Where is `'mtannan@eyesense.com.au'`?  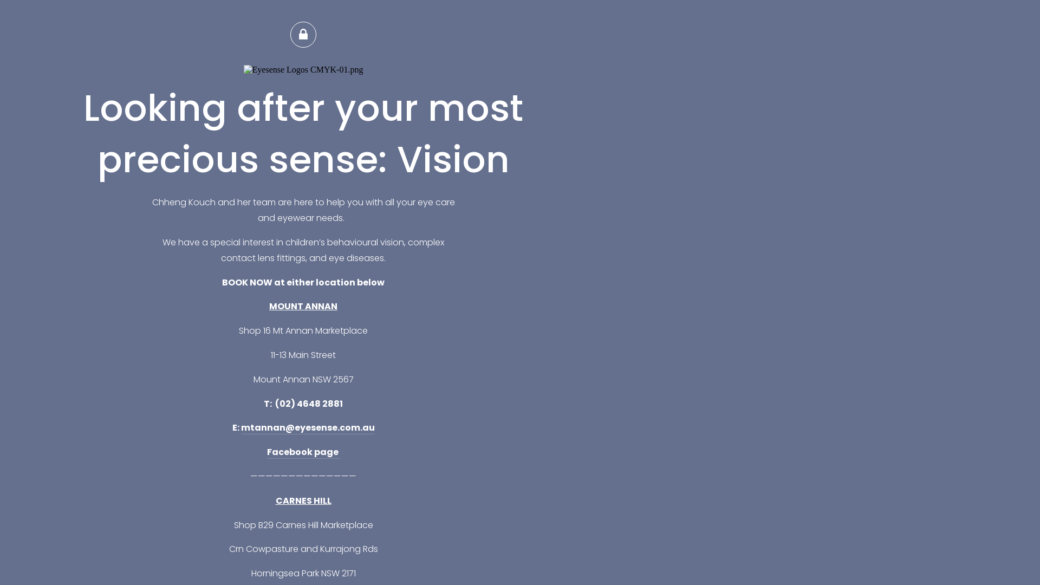
'mtannan@eyesense.com.au' is located at coordinates (307, 427).